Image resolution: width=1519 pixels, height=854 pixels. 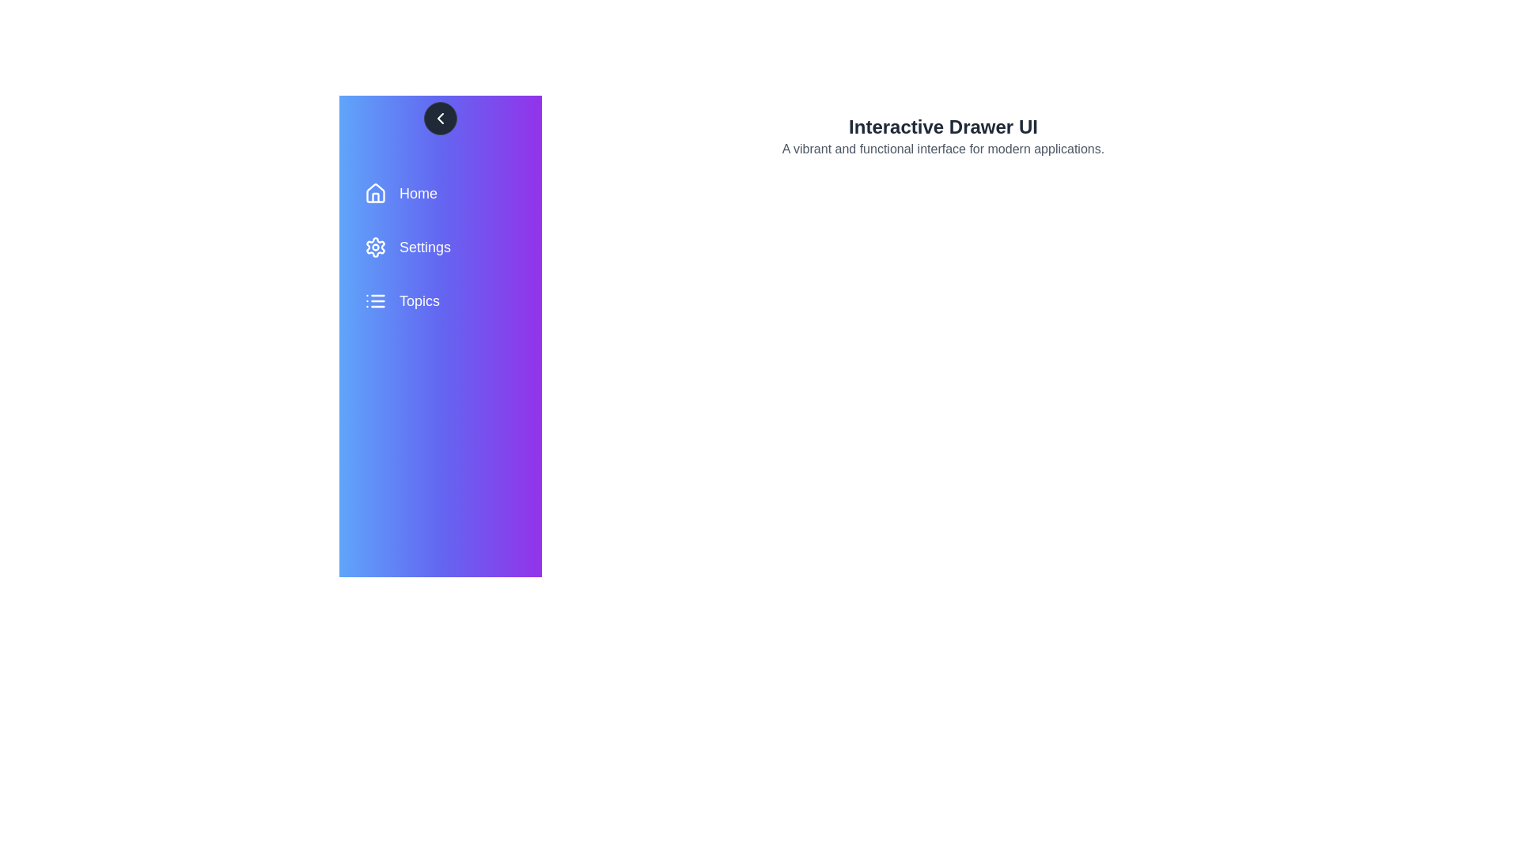 I want to click on the 'Settings' menu item in the drawer, so click(x=425, y=247).